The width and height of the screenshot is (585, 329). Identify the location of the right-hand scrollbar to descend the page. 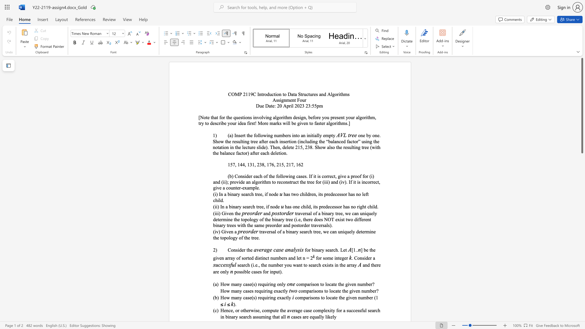
(582, 259).